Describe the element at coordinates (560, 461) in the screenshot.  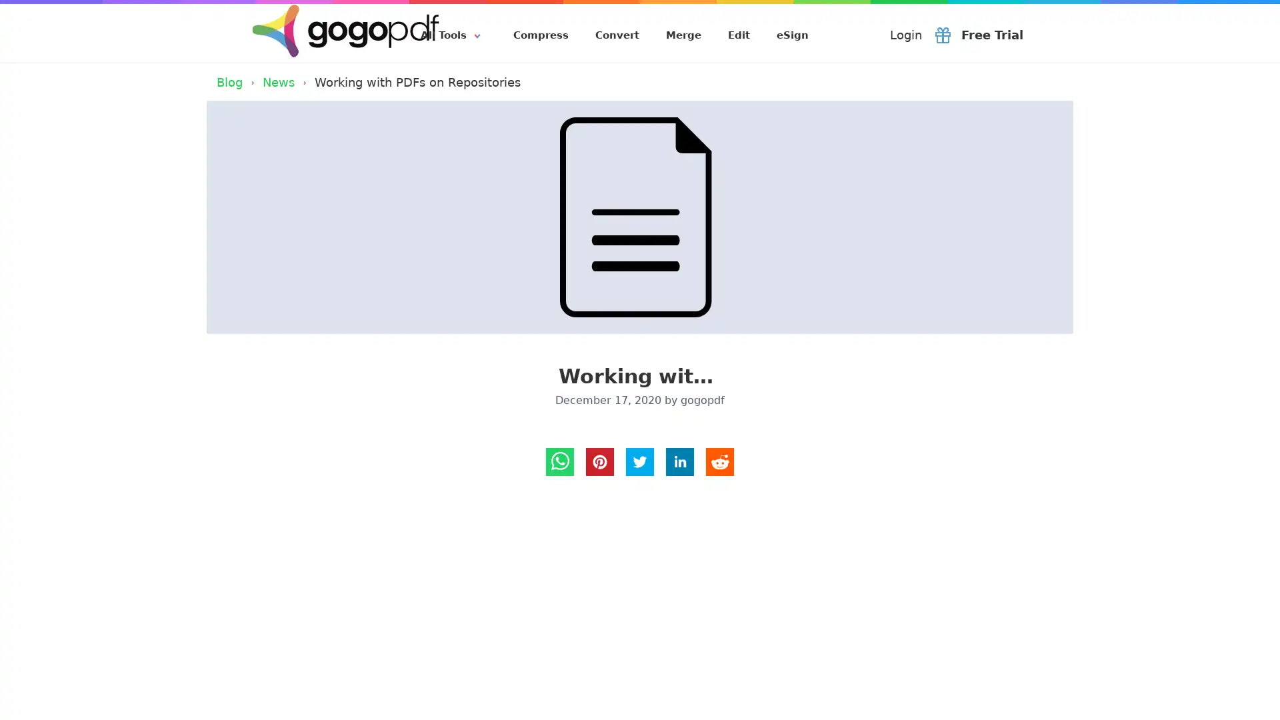
I see `Whatsapp` at that location.